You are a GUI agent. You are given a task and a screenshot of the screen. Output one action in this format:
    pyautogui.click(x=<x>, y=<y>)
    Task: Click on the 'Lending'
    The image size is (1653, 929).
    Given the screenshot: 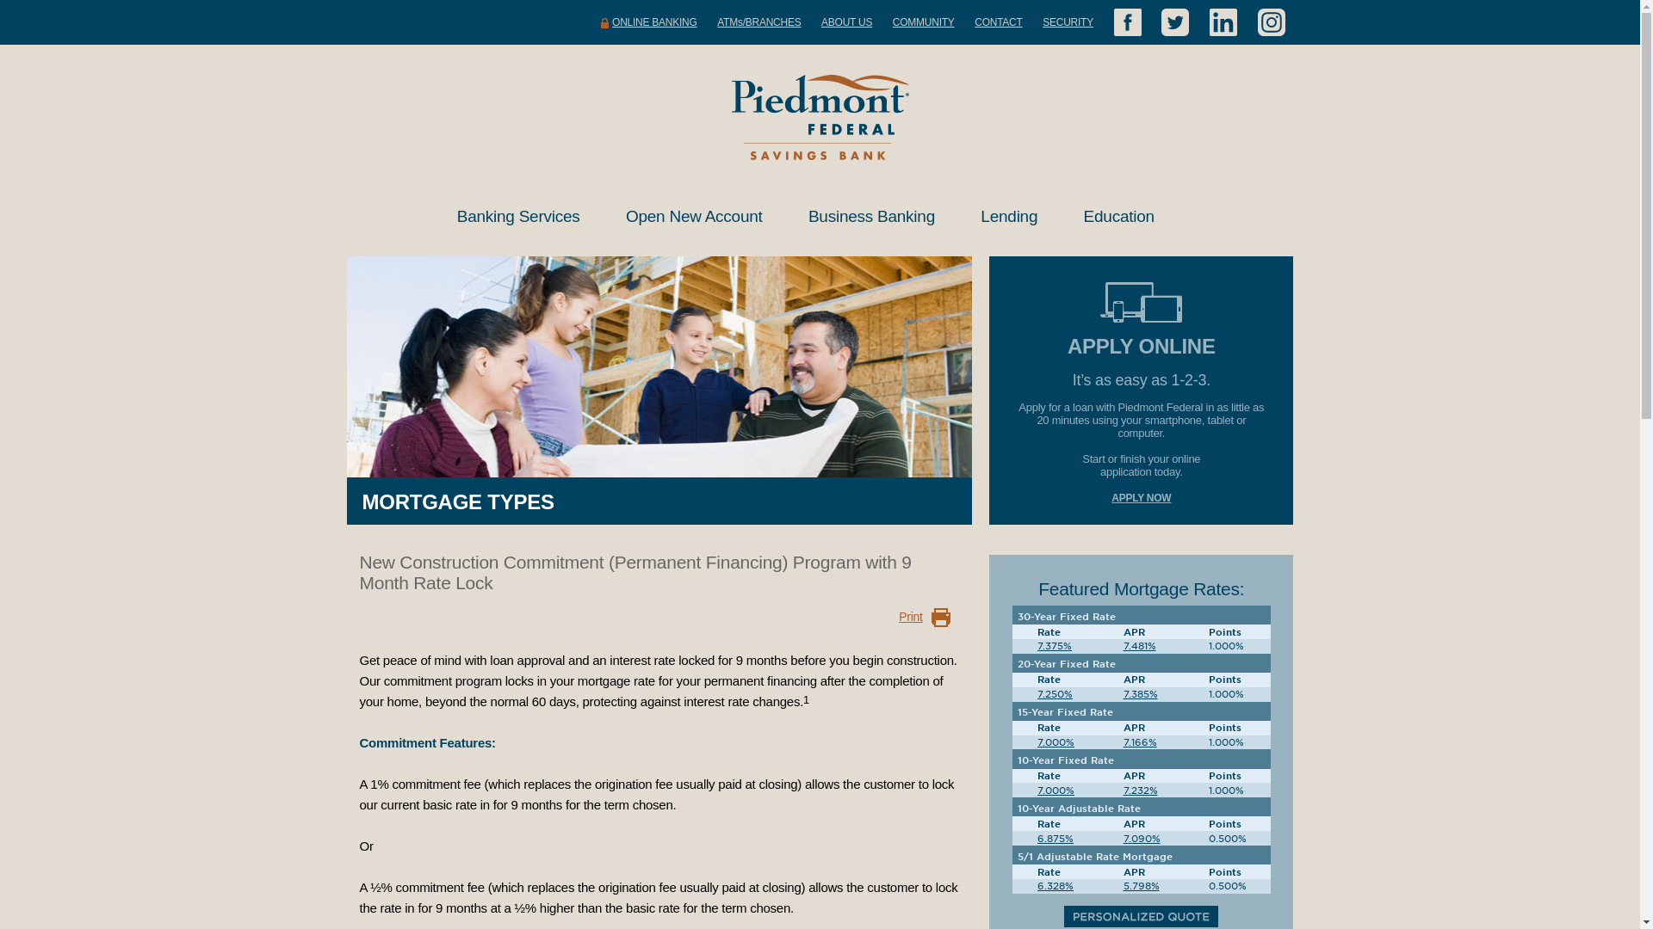 What is the action you would take?
    pyautogui.click(x=1012, y=215)
    